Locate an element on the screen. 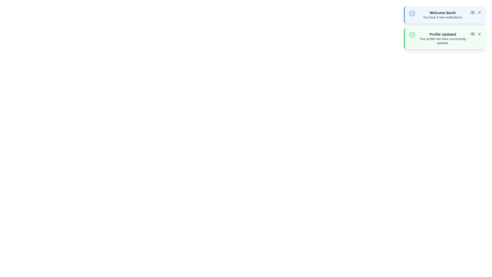 Image resolution: width=492 pixels, height=277 pixels. the close button of the notification to dismiss it is located at coordinates (479, 12).